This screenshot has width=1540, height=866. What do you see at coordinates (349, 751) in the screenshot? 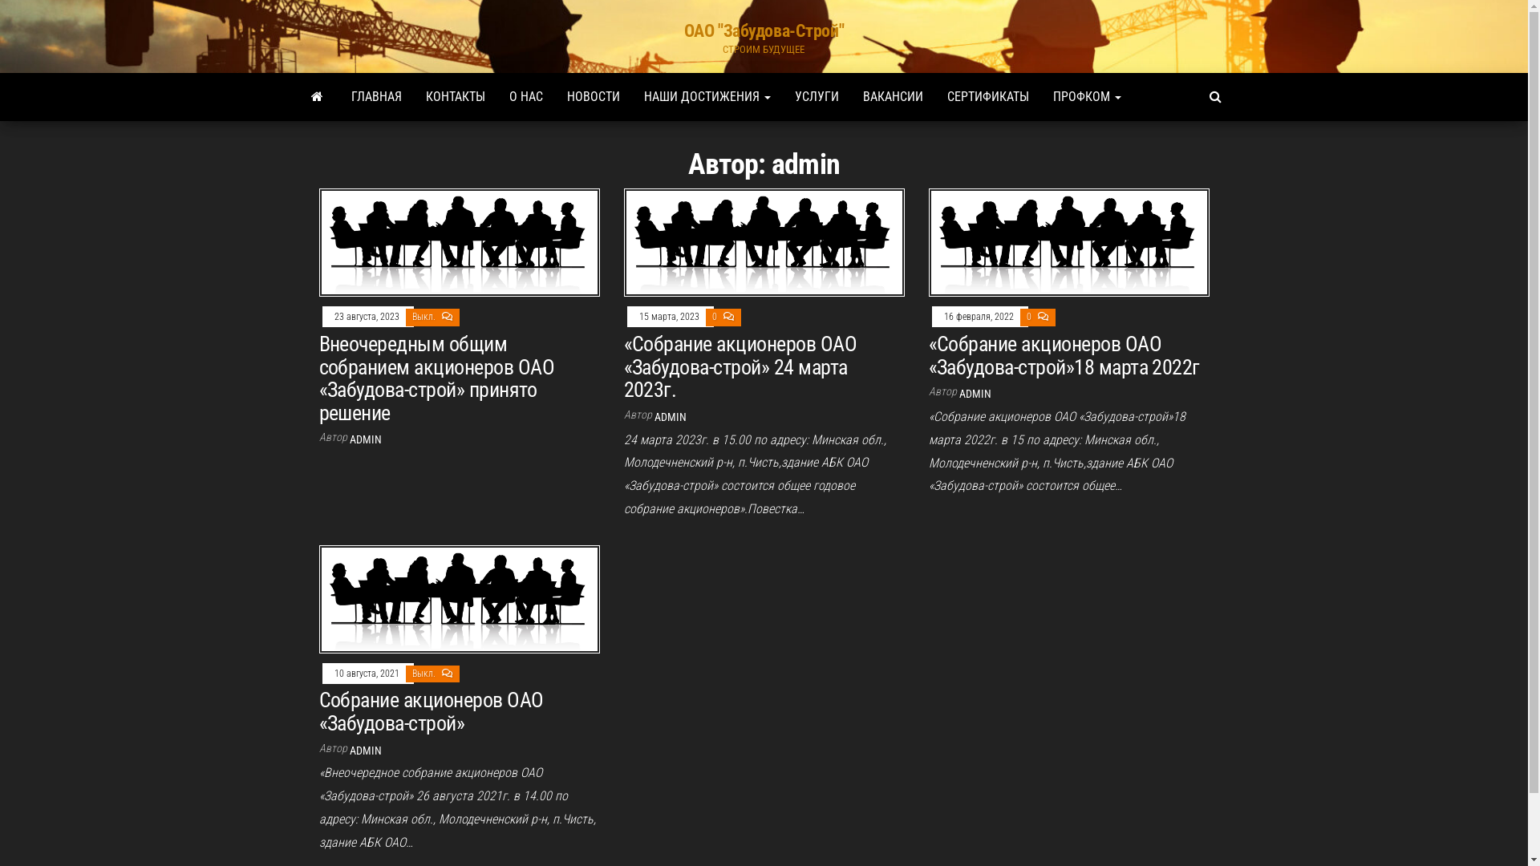
I see `'ADMIN'` at bounding box center [349, 751].